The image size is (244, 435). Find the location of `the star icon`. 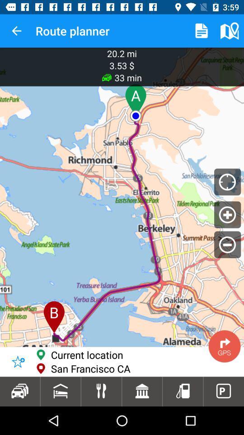

the star icon is located at coordinates (18, 362).